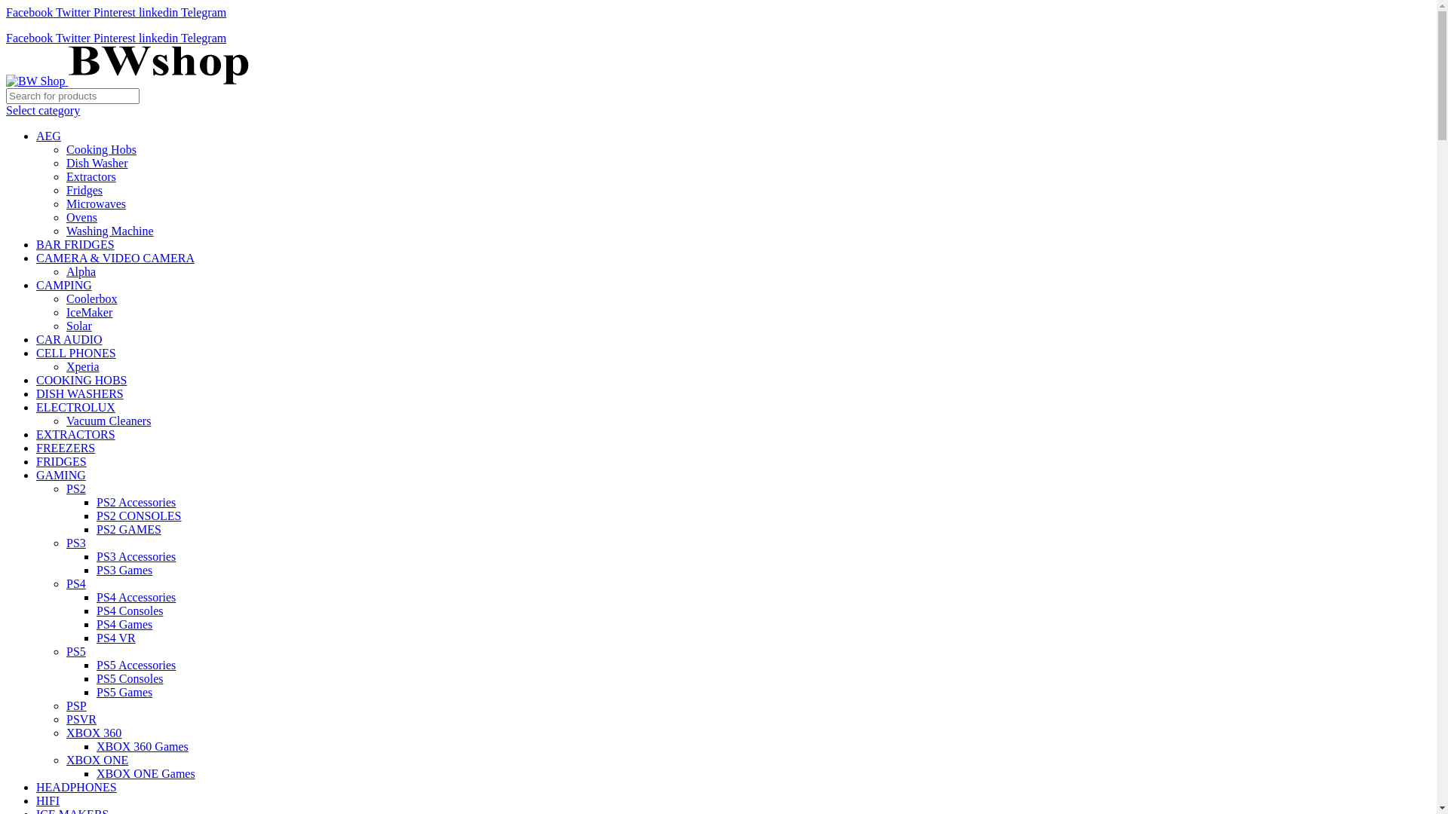 This screenshot has width=1448, height=814. Describe the element at coordinates (63, 285) in the screenshot. I see `'CAMPING'` at that location.